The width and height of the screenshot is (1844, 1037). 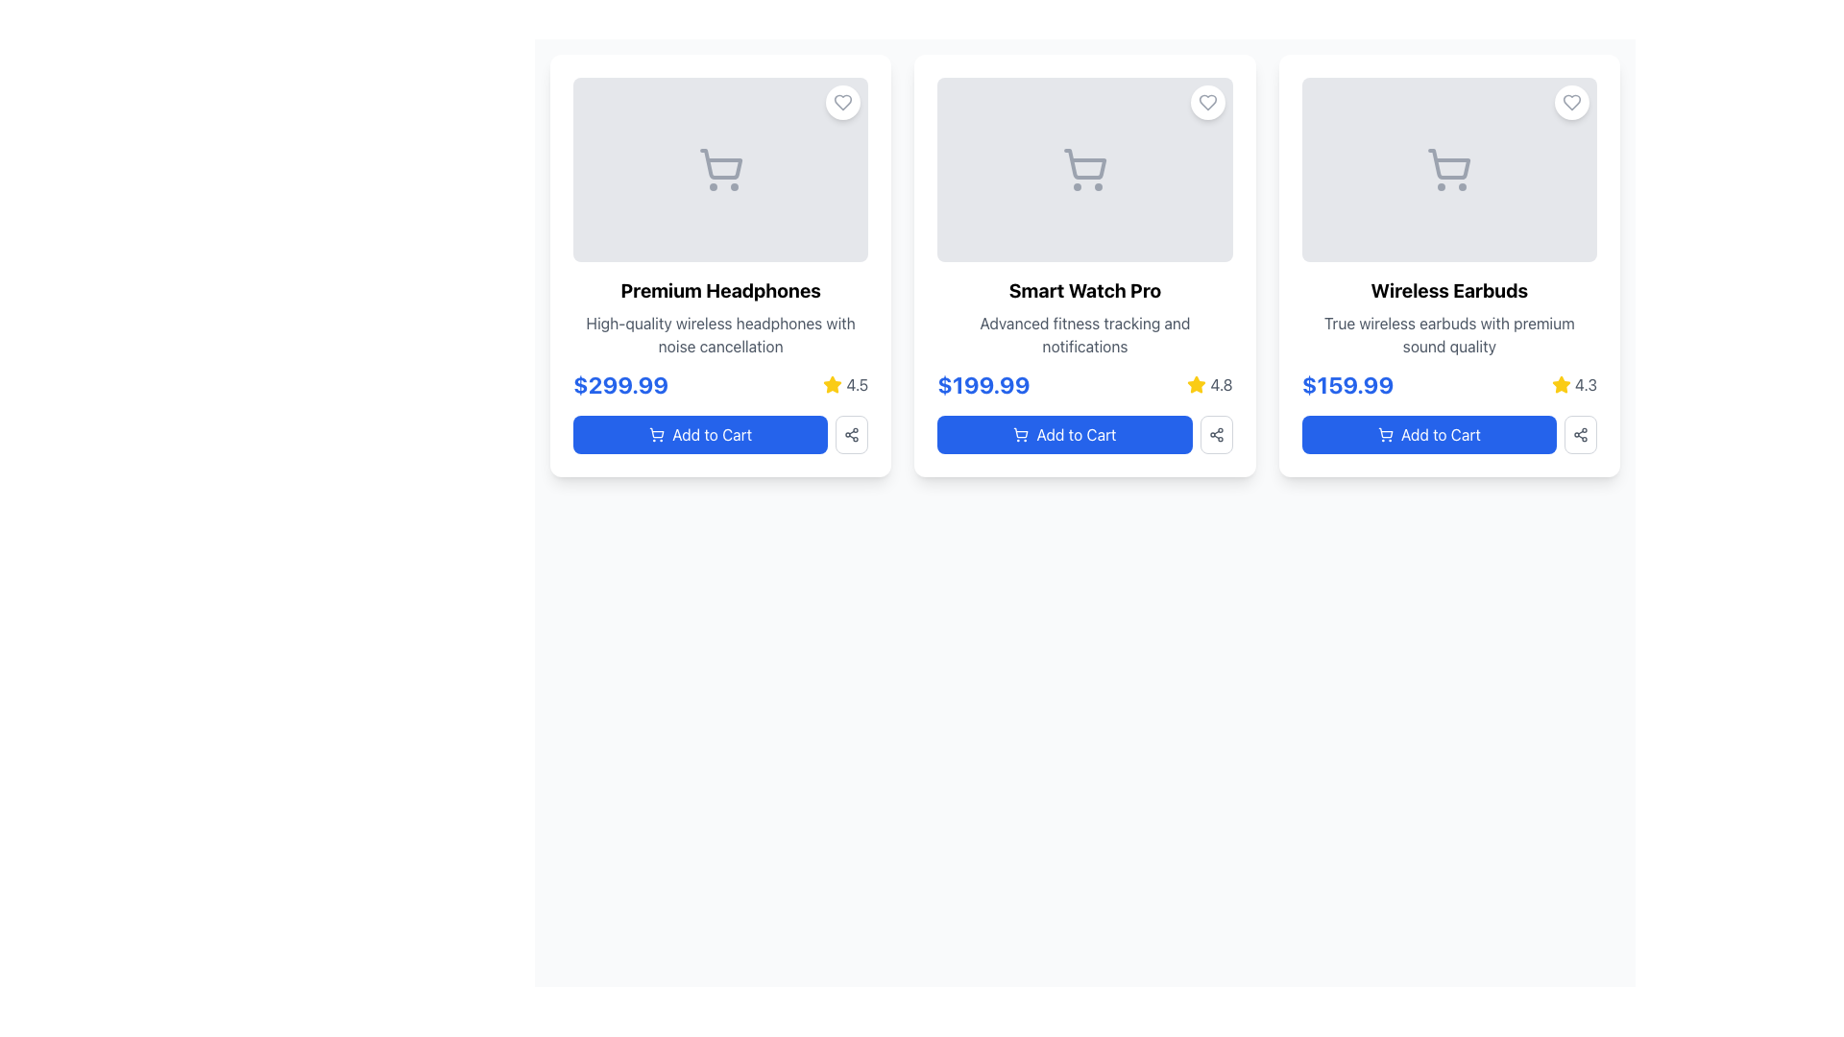 I want to click on the shopping cart graphic icon located in the 'Smart Watch Pro' card, positioned above the title and description text, so click(x=1084, y=169).